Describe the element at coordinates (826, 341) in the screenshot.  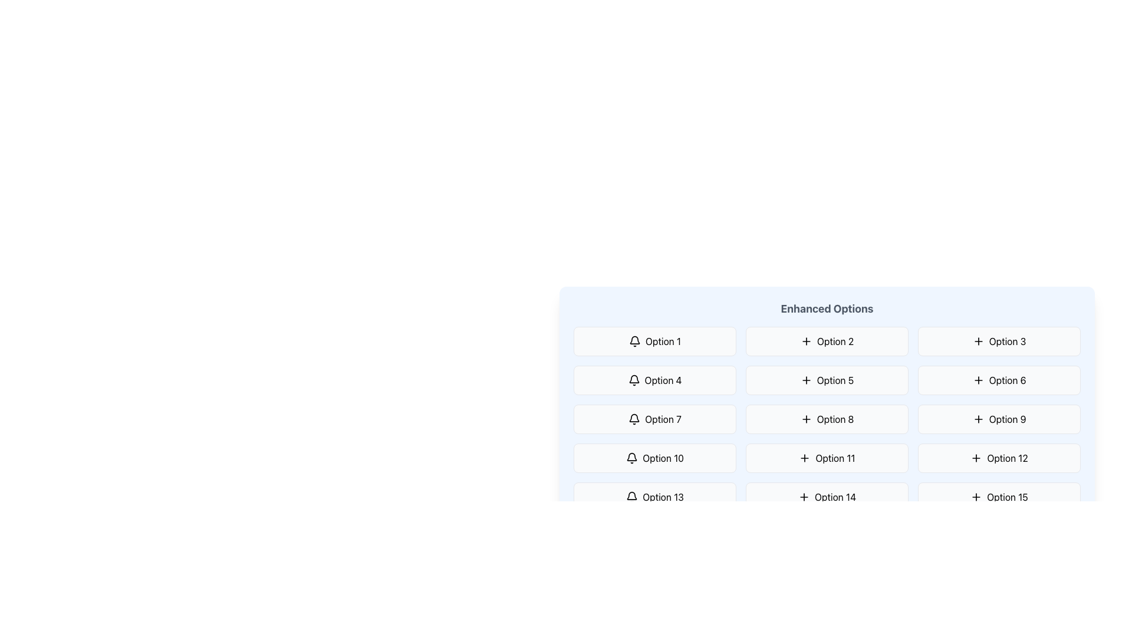
I see `the button labeled 'Option 2' located in the second column of the 'Enhanced Options' section` at that location.